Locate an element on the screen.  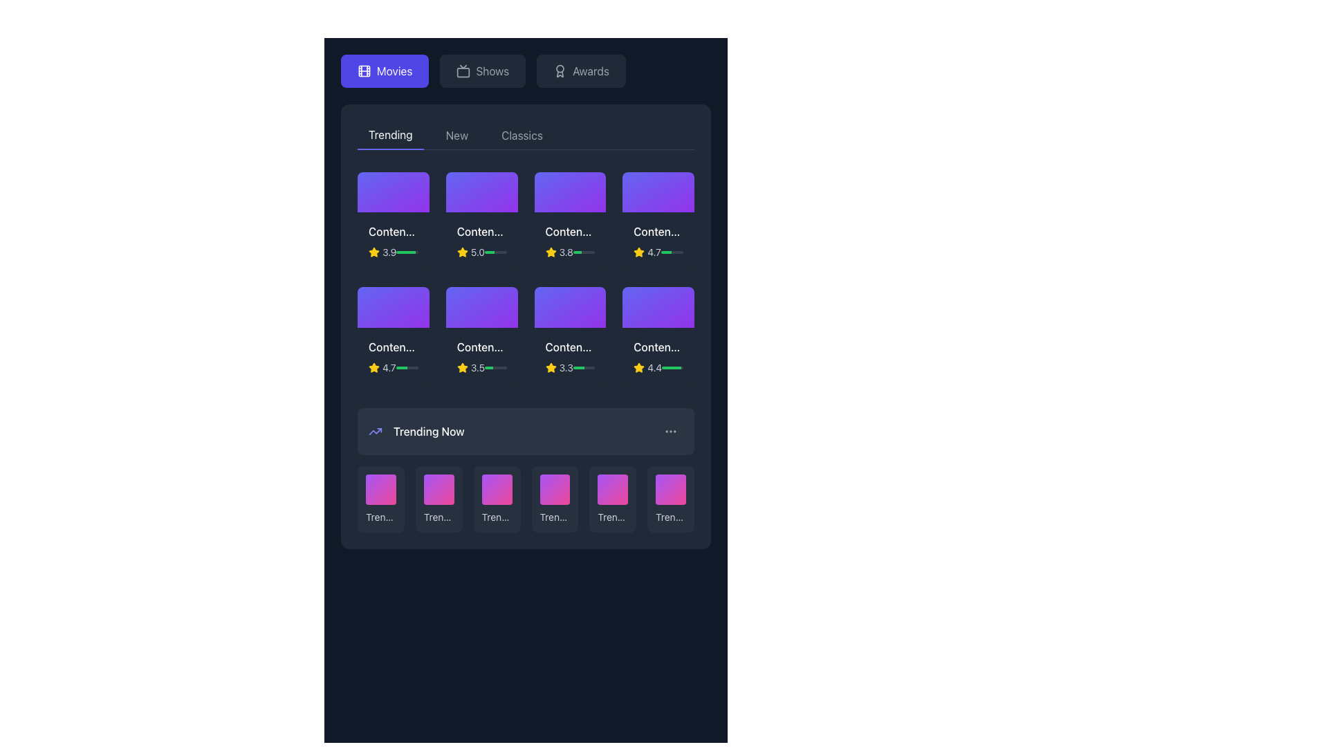
the first content card in the 'Trending' section that displays a title, a yellow star icon with a numeric rating, and a green progress bar is located at coordinates (392, 241).